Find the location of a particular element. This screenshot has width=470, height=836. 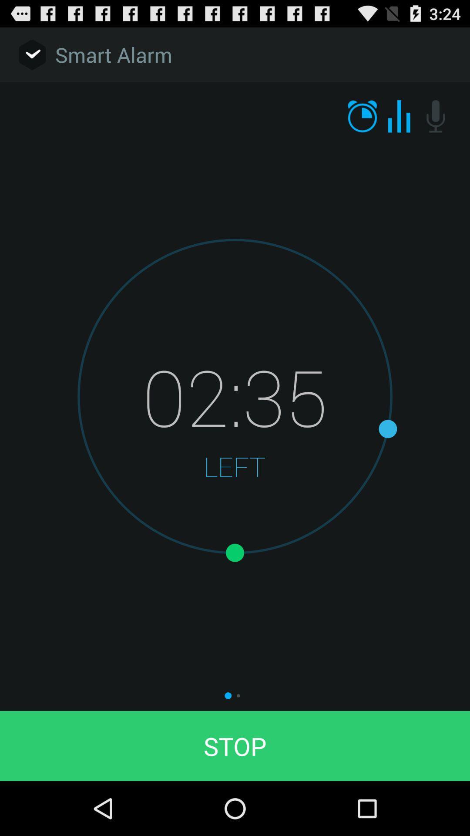

stop icon is located at coordinates (235, 745).